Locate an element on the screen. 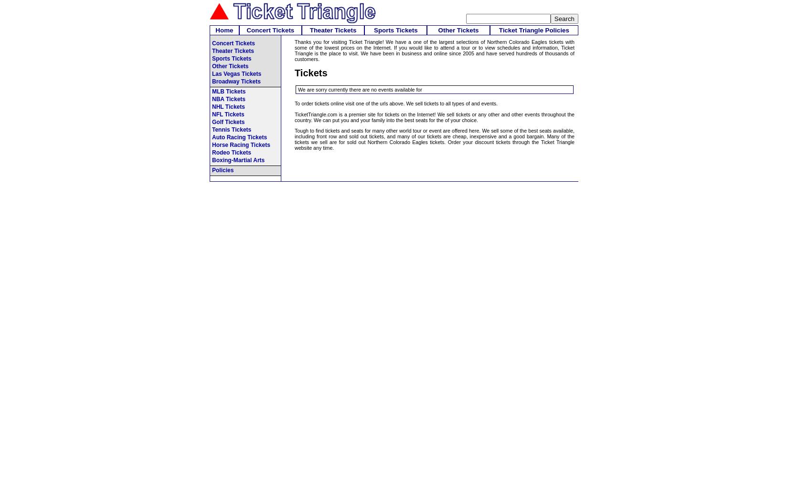 The image size is (788, 477). 'Broadway Tickets' is located at coordinates (235, 82).